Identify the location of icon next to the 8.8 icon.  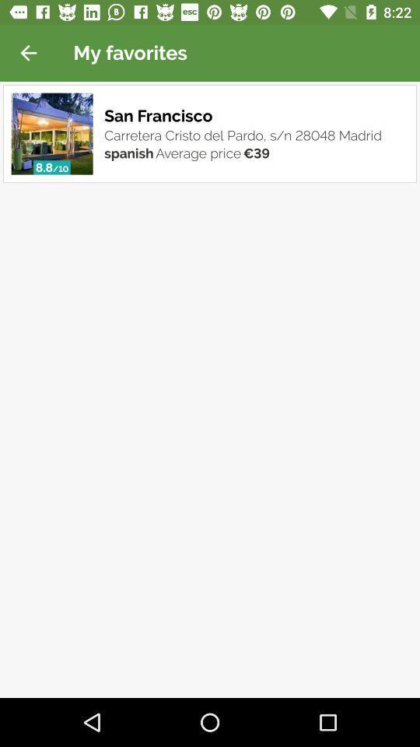
(59, 169).